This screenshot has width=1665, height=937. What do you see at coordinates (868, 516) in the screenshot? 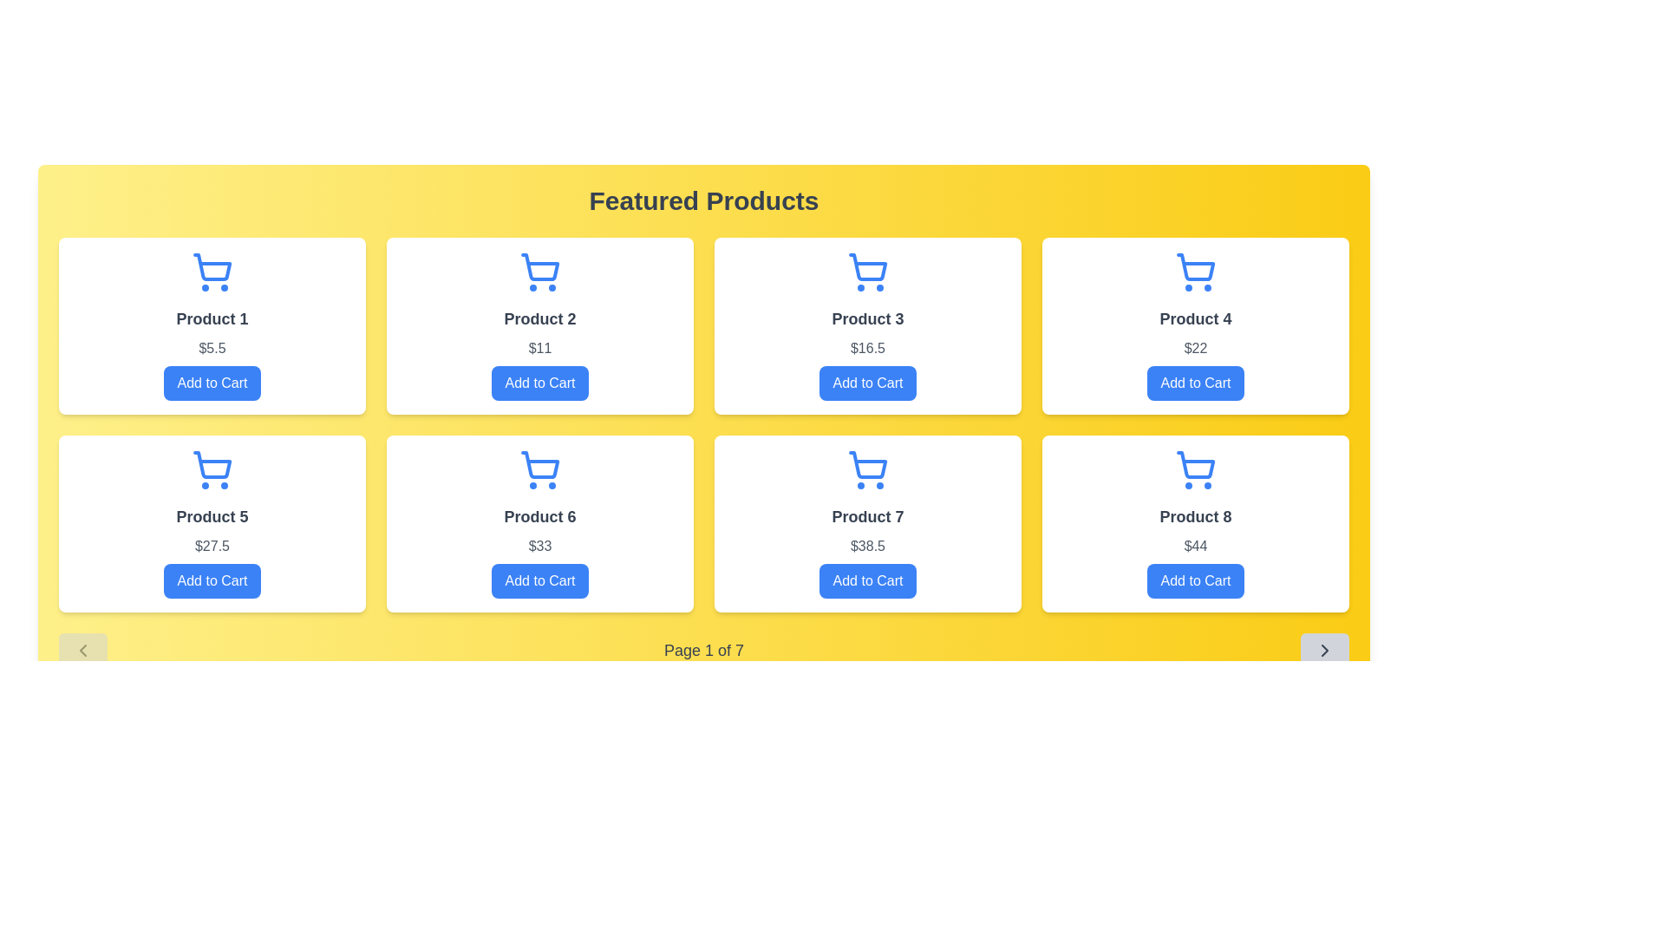
I see `the text label element that identifies the product as 'Product 7', located in the product card above the pricing text and below the shopping cart icon` at bounding box center [868, 516].